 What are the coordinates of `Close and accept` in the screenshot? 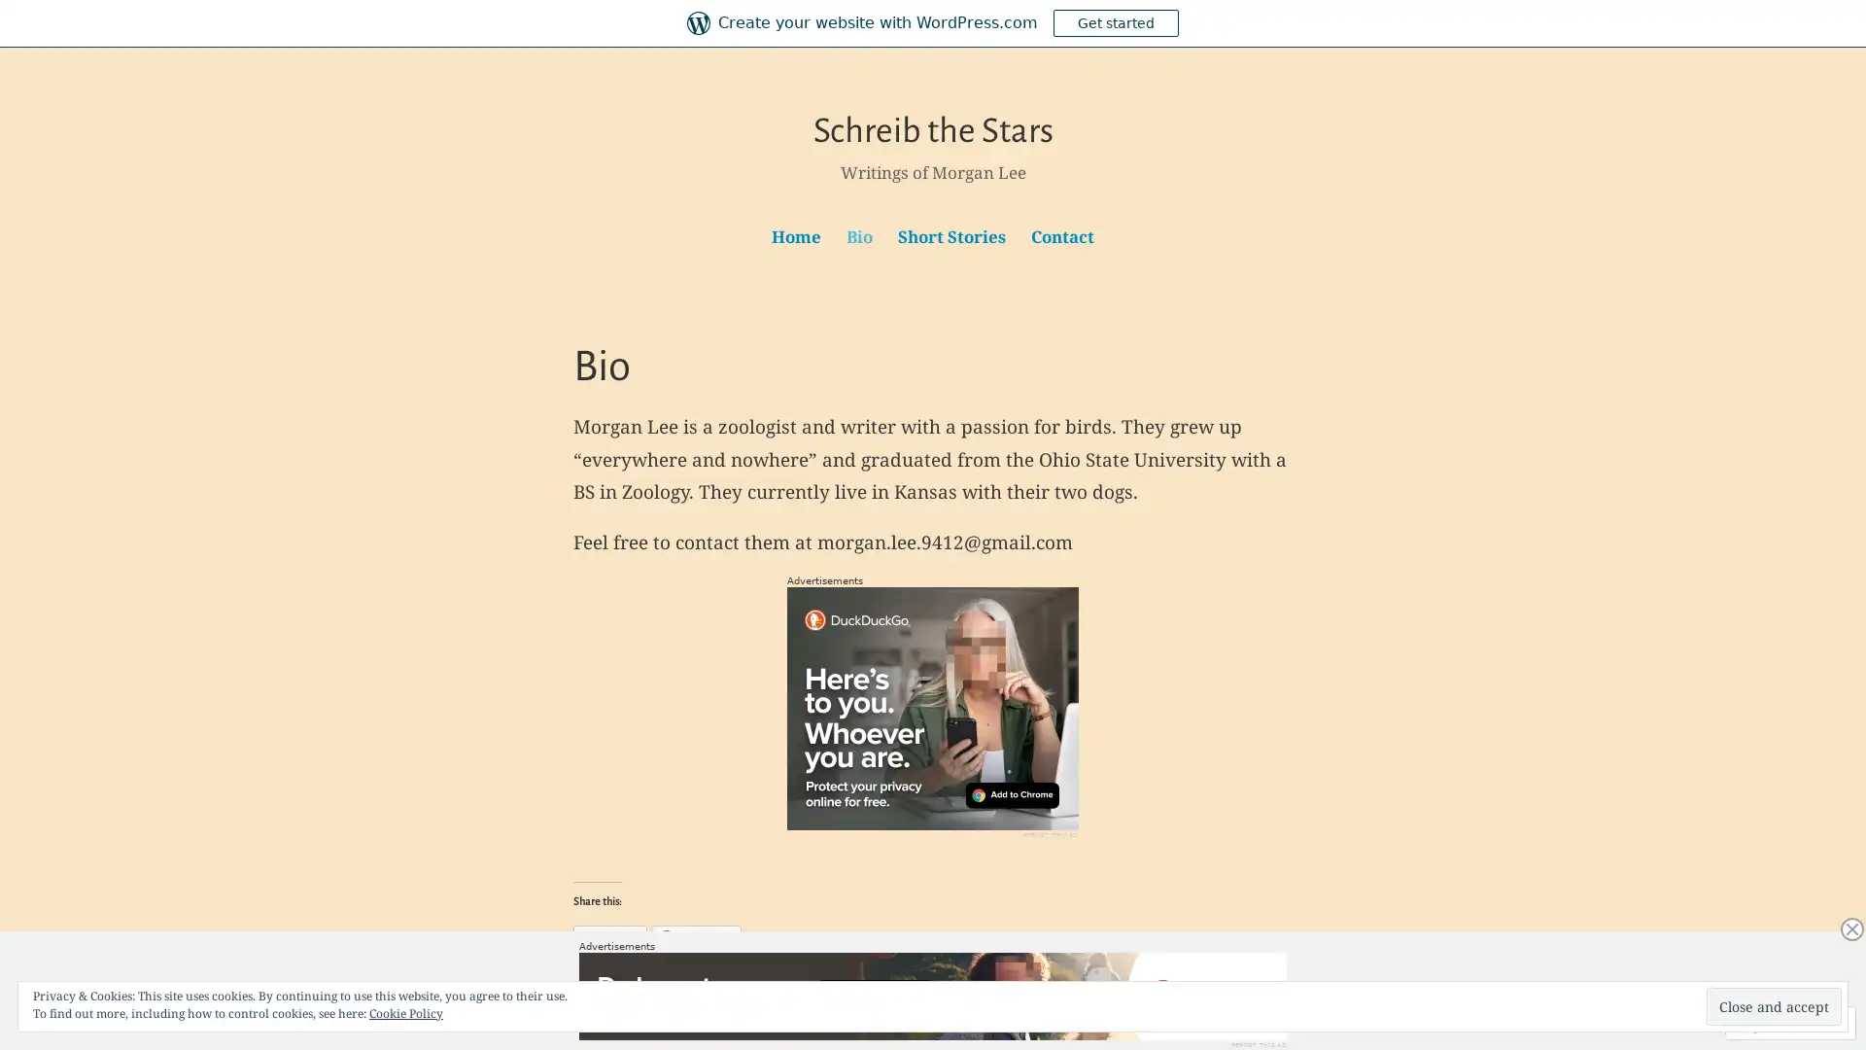 It's located at (1774, 1006).